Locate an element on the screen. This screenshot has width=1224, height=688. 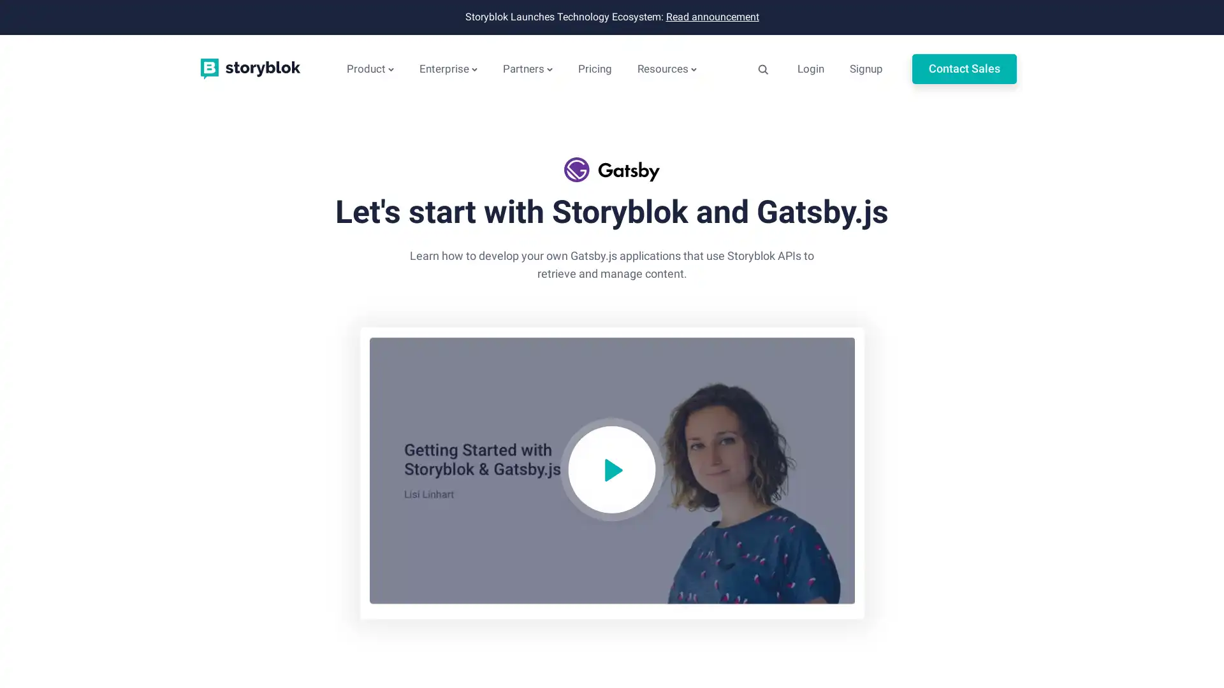
Resources is located at coordinates (666, 69).